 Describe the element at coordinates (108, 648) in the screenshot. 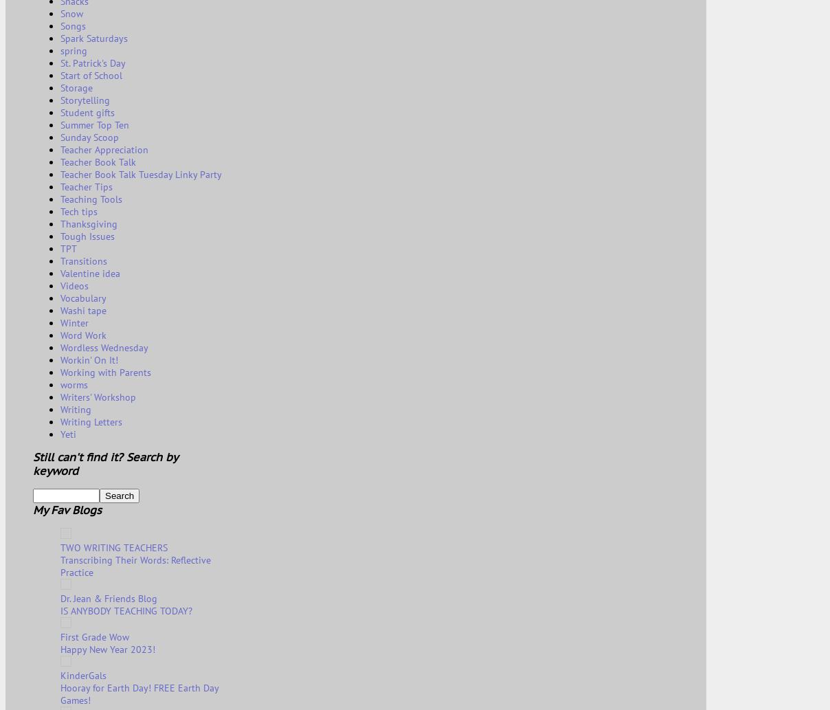

I see `'Happy New Year 2023!'` at that location.